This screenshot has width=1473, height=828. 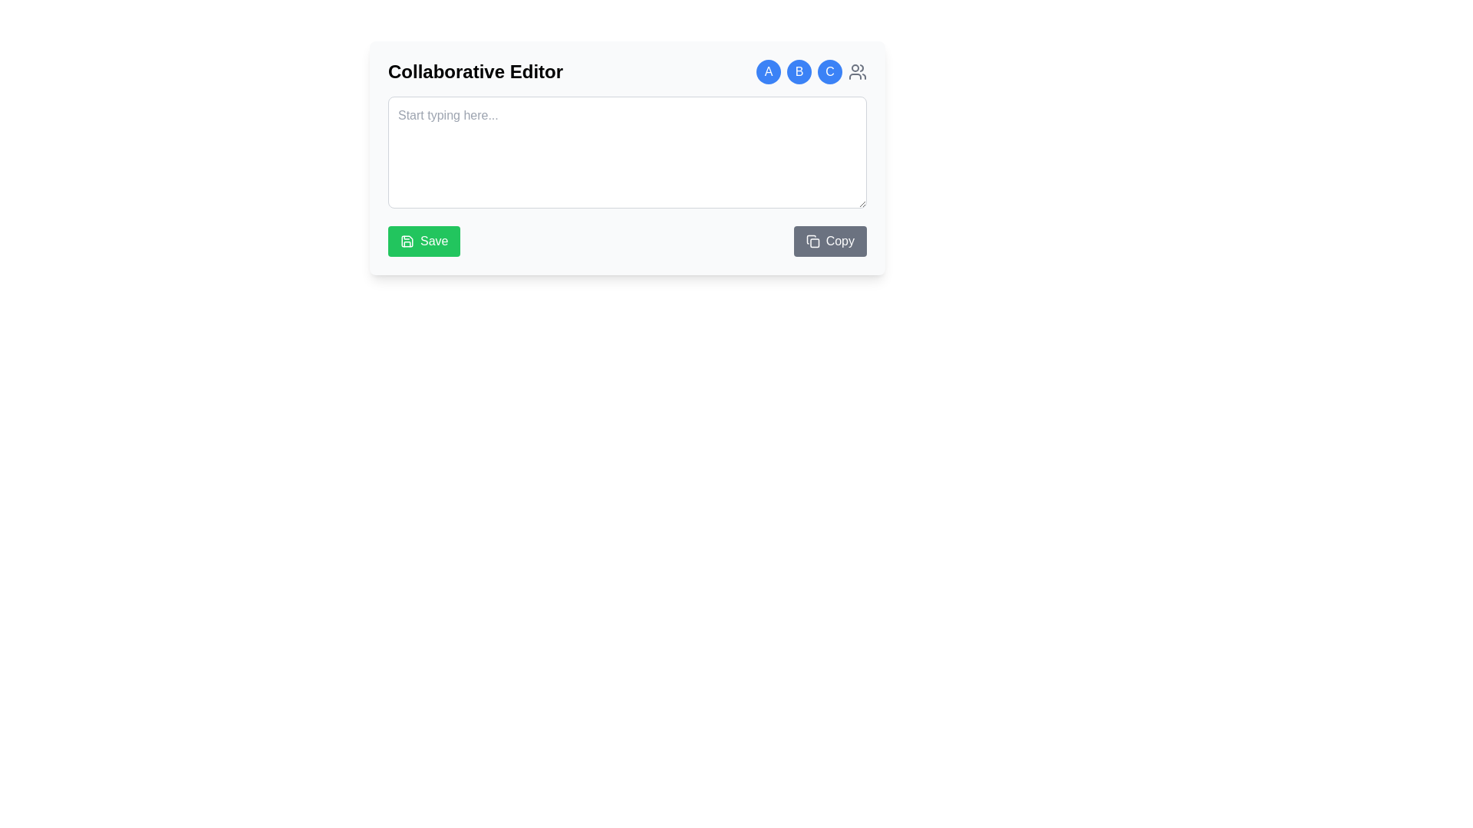 What do you see at coordinates (769, 71) in the screenshot?
I see `the circular button with a blue background and white text 'A'` at bounding box center [769, 71].